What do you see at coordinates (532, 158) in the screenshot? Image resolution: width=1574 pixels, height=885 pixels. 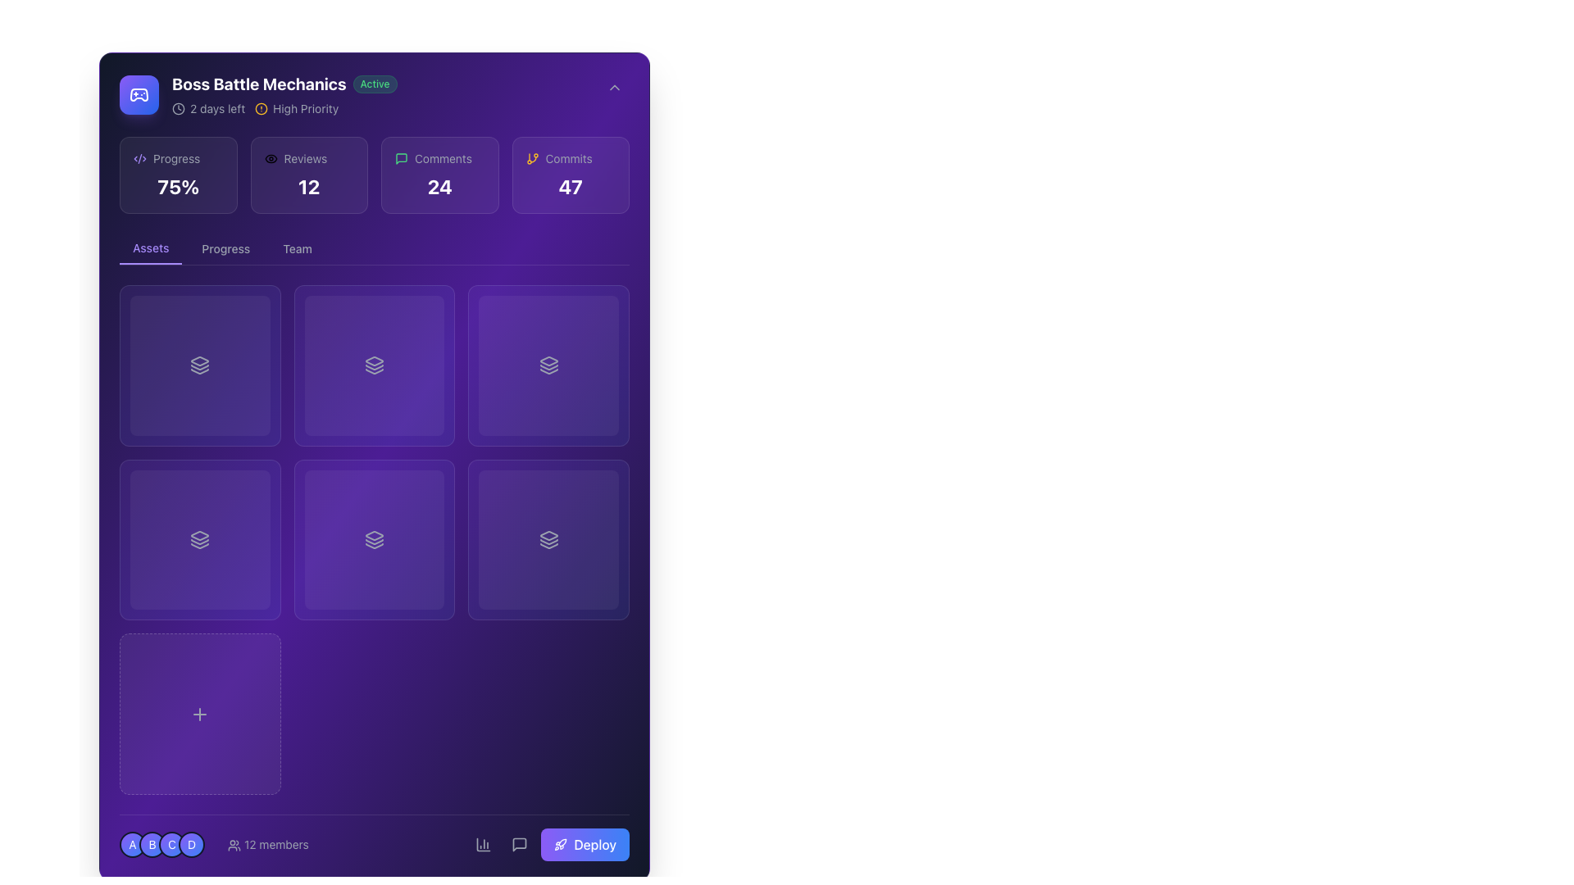 I see `the small orange icon resembling a branching structure, located to the left of the text 'Commits'` at bounding box center [532, 158].